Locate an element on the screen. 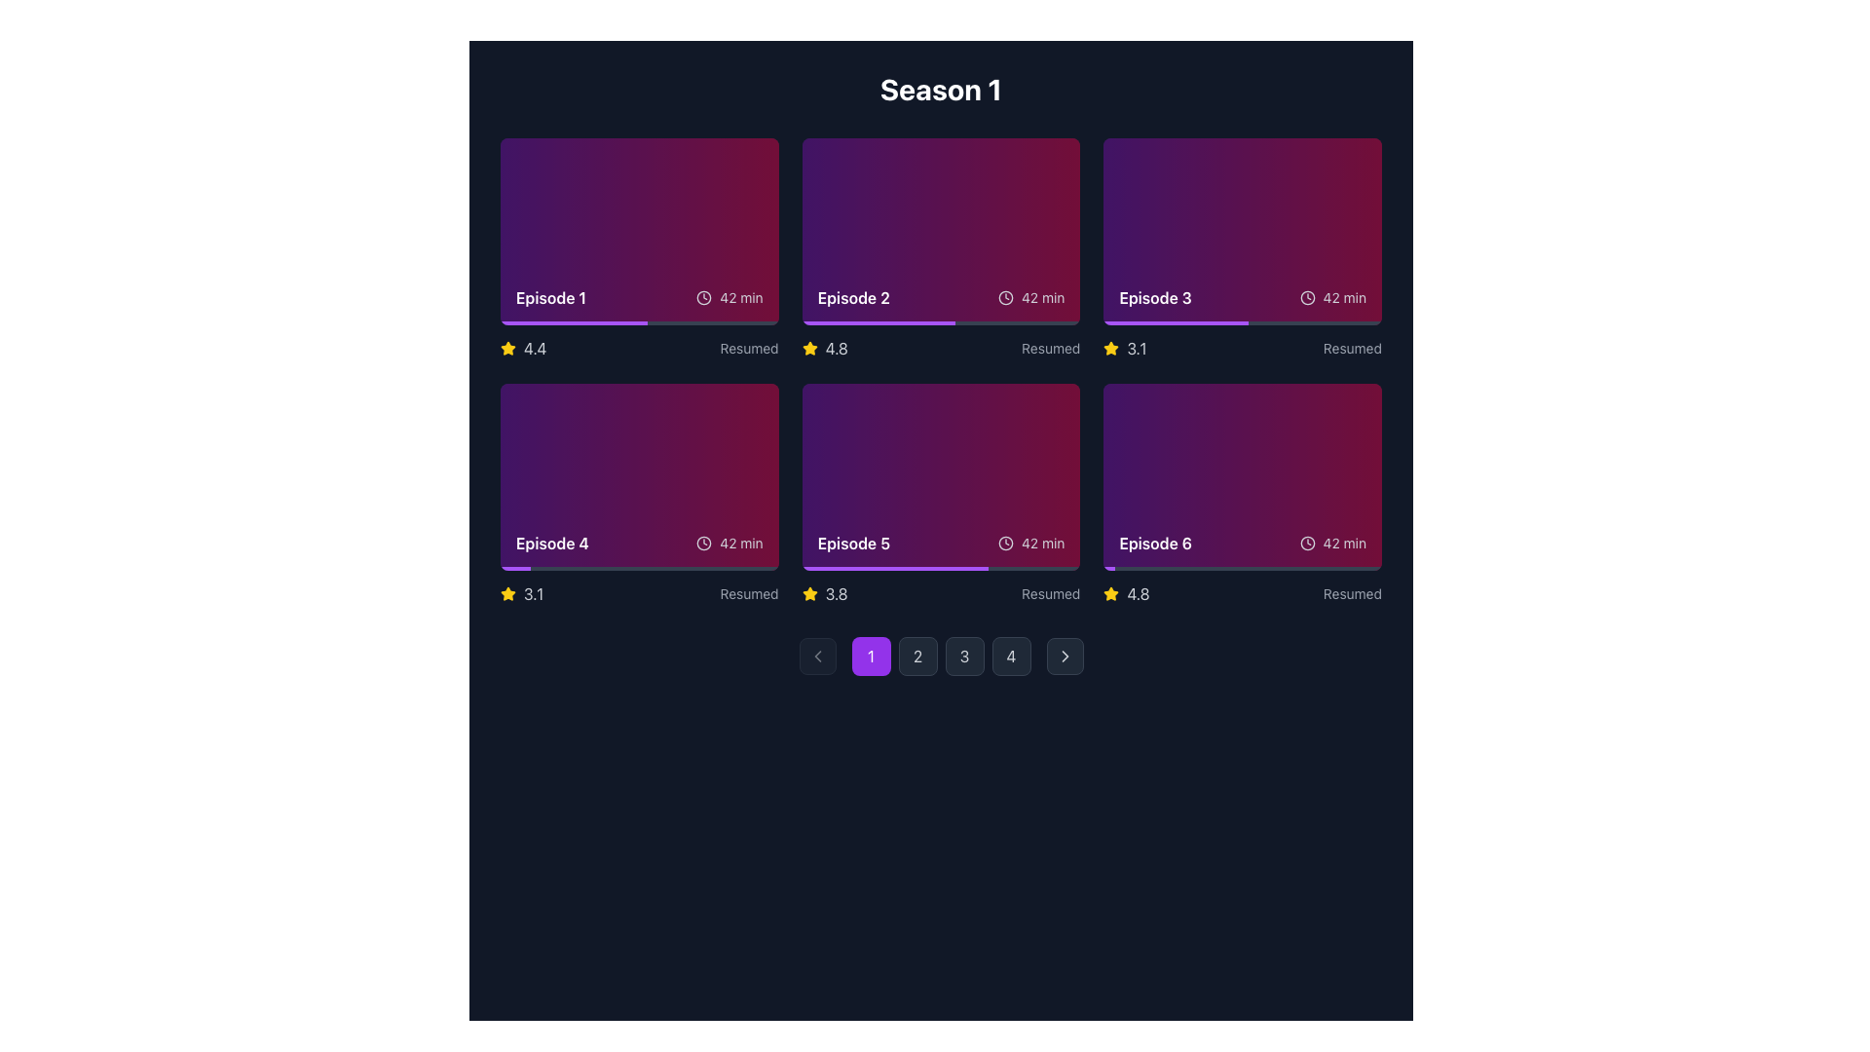 Image resolution: width=1870 pixels, height=1052 pixels. text content of the 'Resumed' label, which is styled in gray color and located in the bottom-right corner of the Episode 3 card is located at coordinates (1351, 348).